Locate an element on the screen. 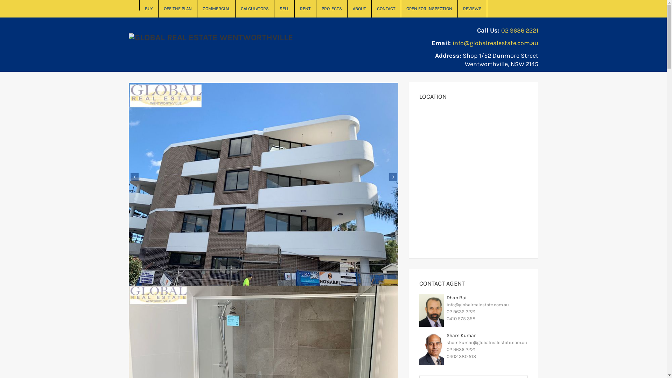  'SELL' is located at coordinates (284, 8).